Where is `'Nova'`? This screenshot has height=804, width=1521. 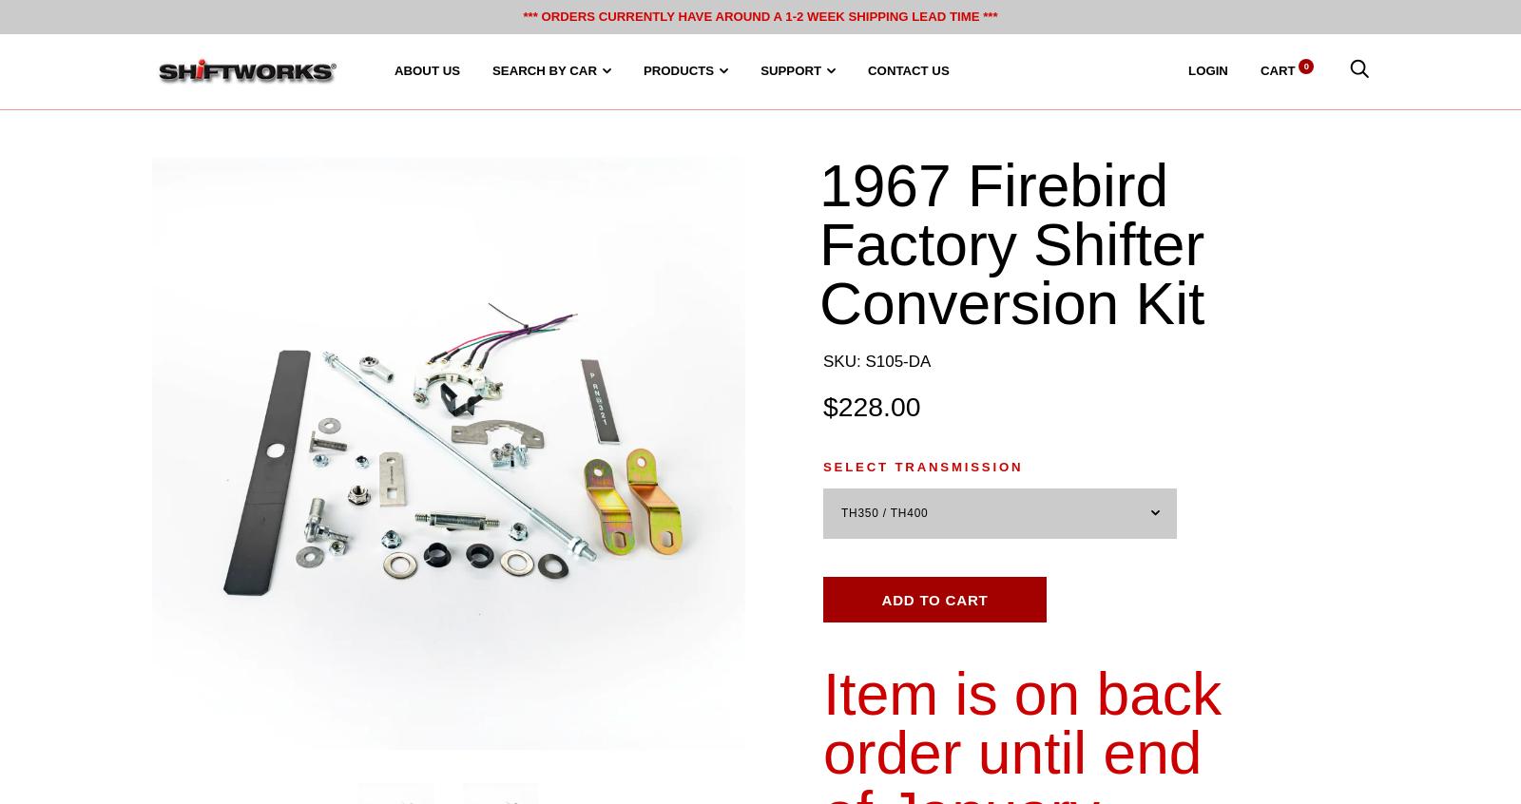
'Nova' is located at coordinates (745, 555).